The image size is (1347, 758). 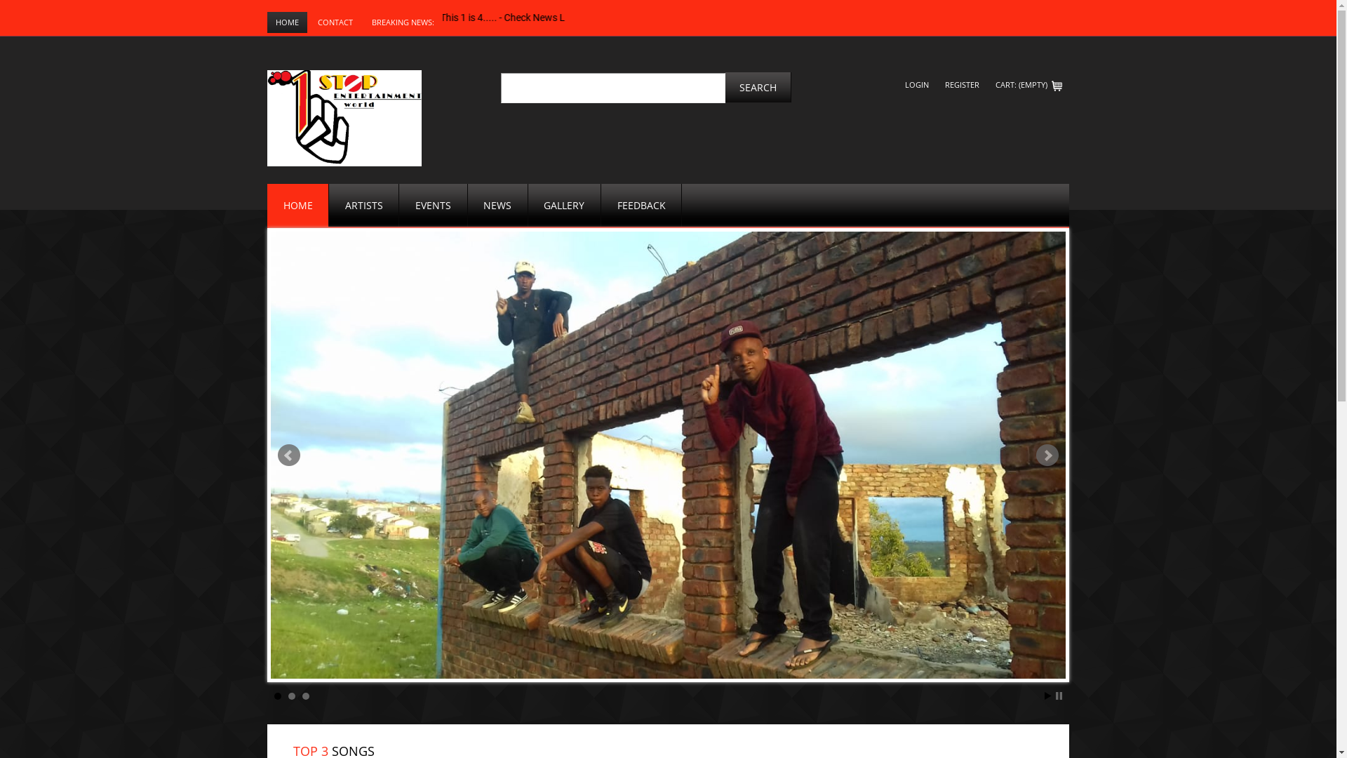 What do you see at coordinates (297, 205) in the screenshot?
I see `'HOME'` at bounding box center [297, 205].